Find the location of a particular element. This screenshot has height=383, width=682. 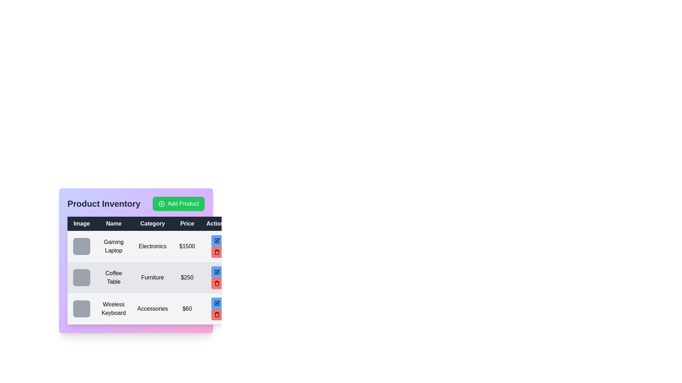

the blue rectangular button with a pen icon in the 'Action' column of the second row corresponding to 'Coffee Table' in the 'Product Inventory' section to observe the hover effect is located at coordinates (216, 272).